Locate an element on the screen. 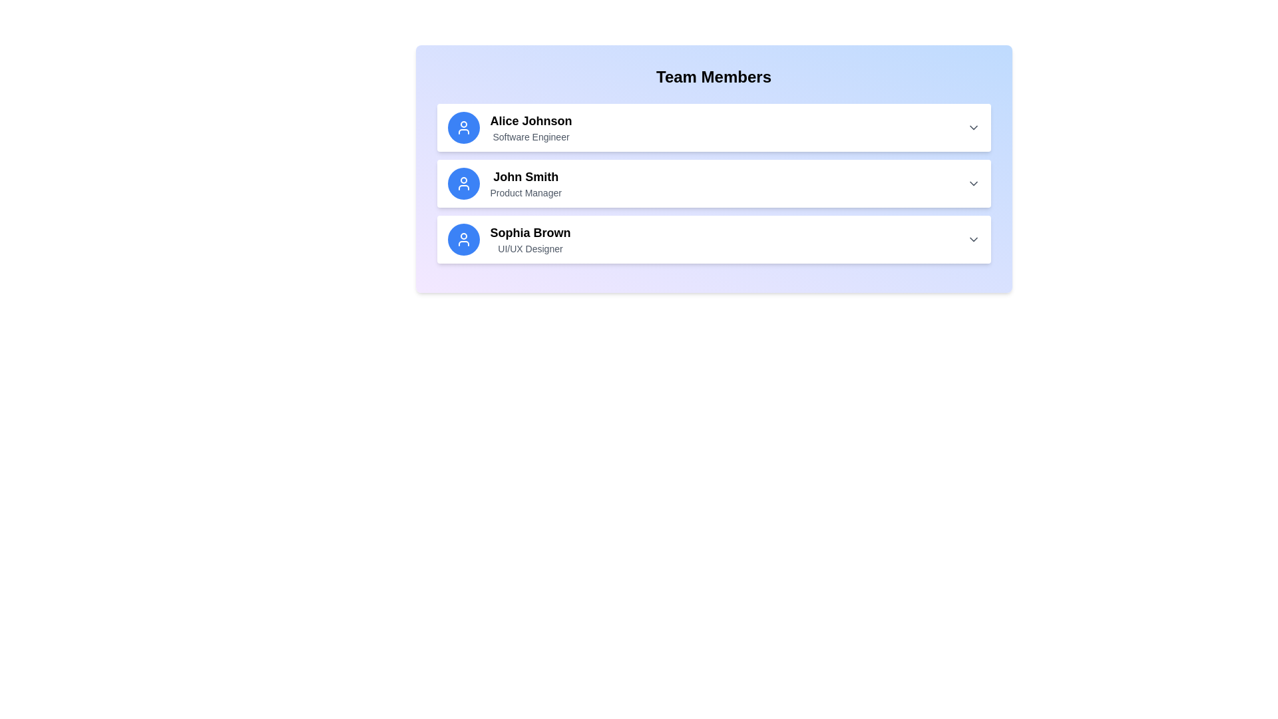 The image size is (1278, 719). displayed information from the profile card representing a team member, located between 'Alice Johnson' and 'Sophia Brown' in the list of team members is located at coordinates (713, 184).